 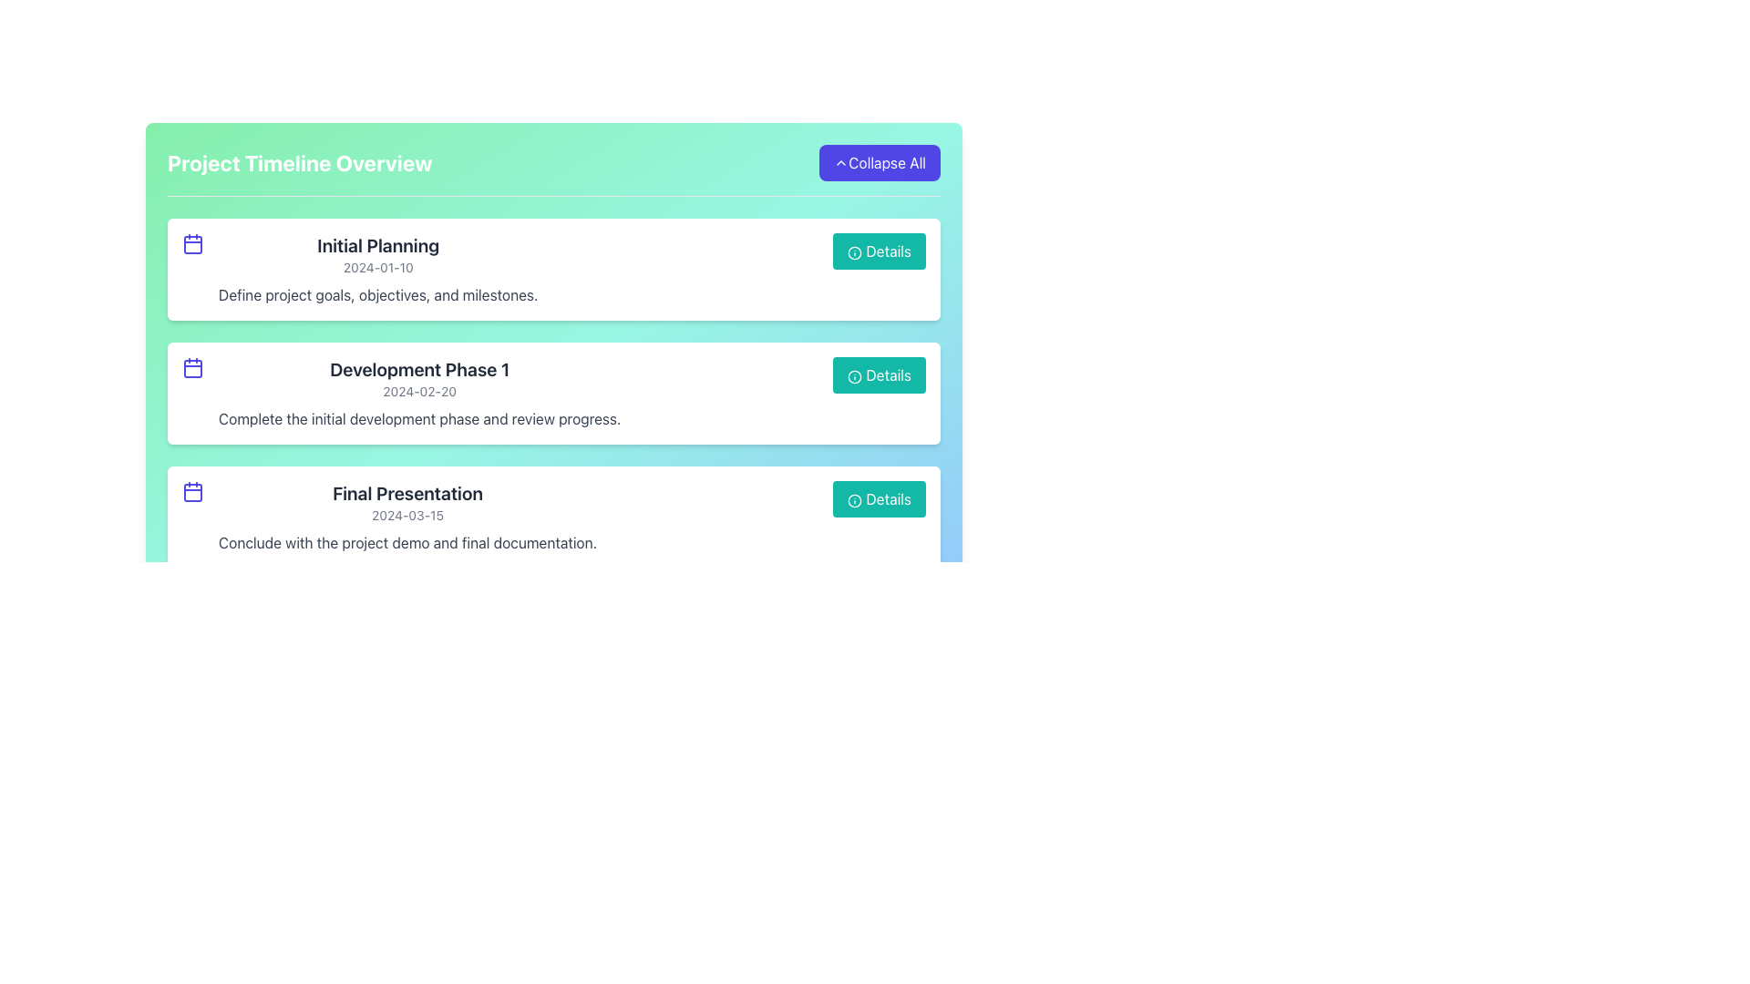 I want to click on the indigo calendar icon located at the top-left corner of the 'Final Presentation' timeline card, adjacent to the text 'Final Presentation' and '2024-03-15', so click(x=192, y=492).